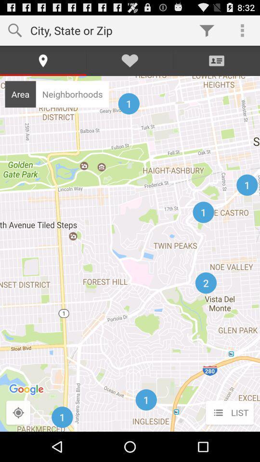  What do you see at coordinates (20, 94) in the screenshot?
I see `area icon` at bounding box center [20, 94].